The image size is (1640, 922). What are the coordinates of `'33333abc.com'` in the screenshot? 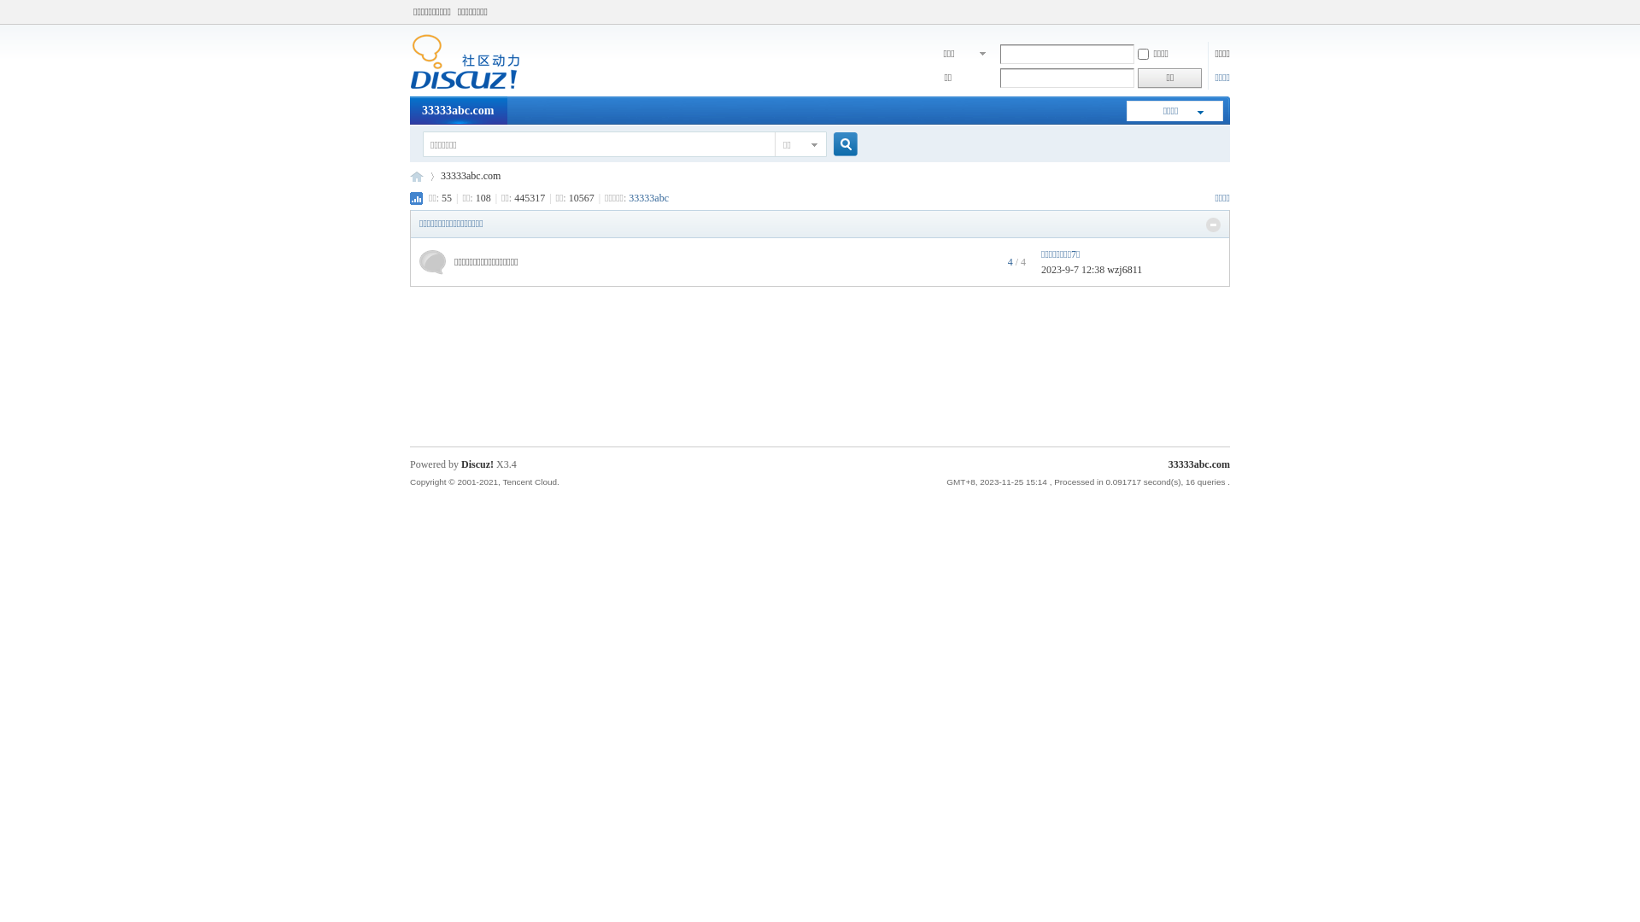 It's located at (471, 176).